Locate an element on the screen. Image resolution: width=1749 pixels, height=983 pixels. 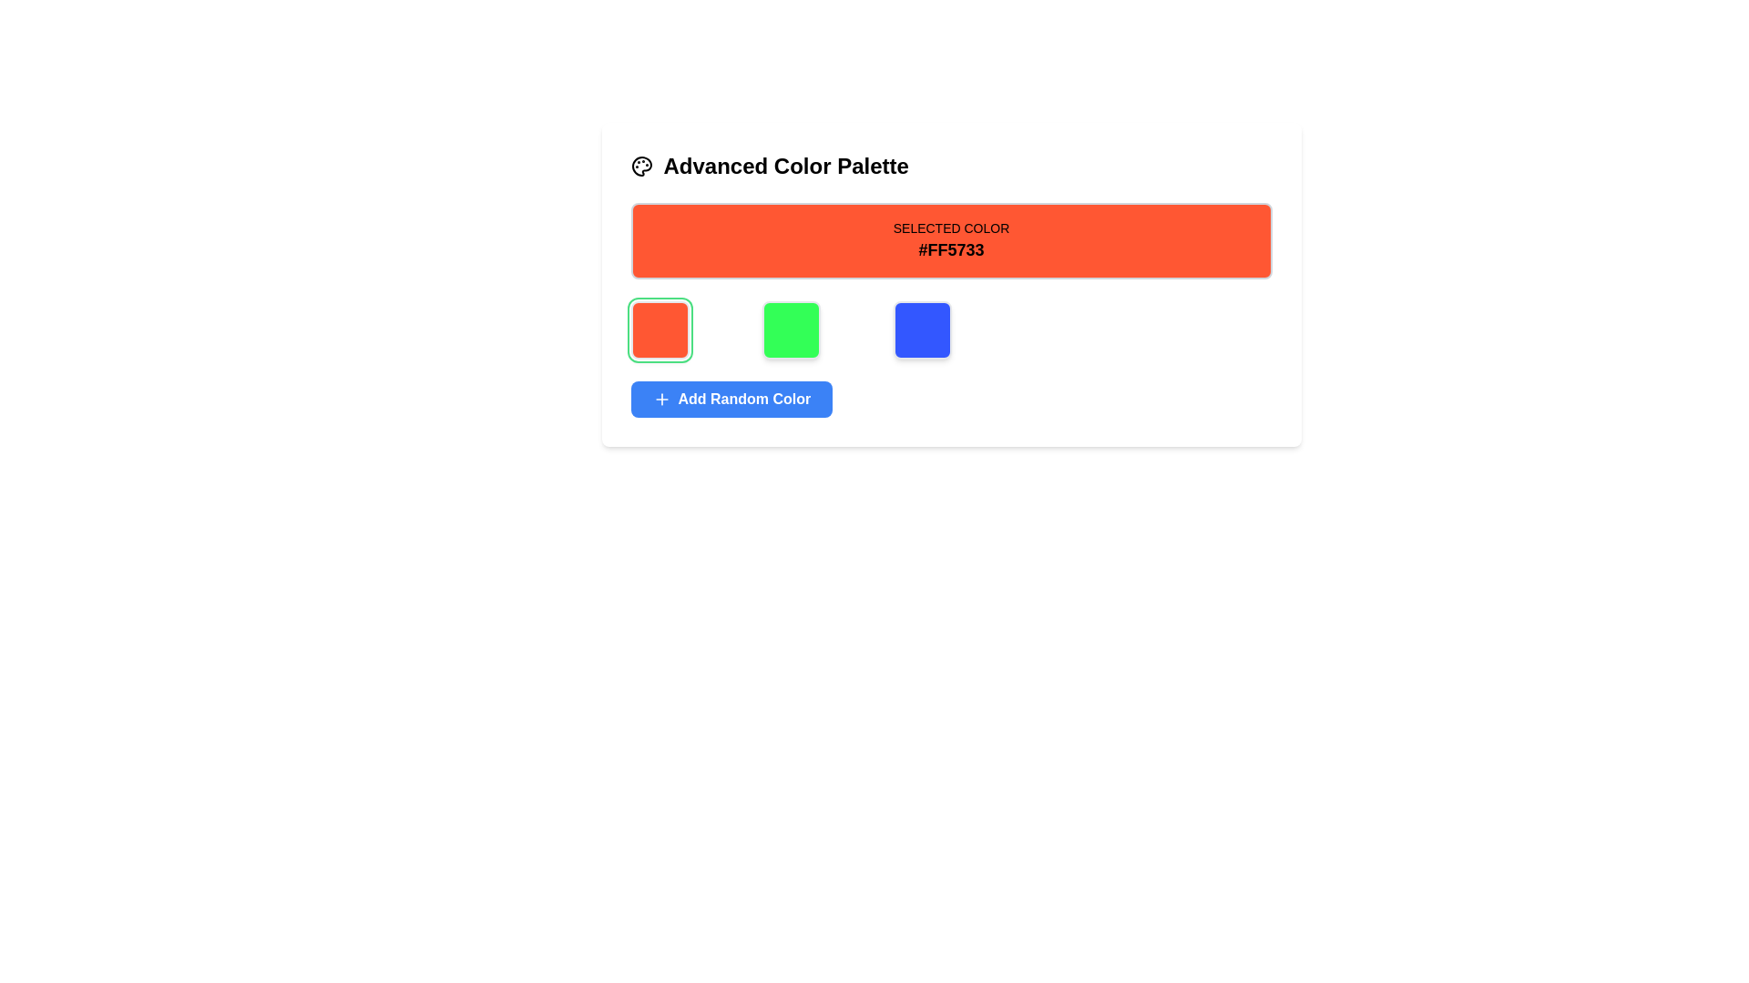
the blue color selection tile, which is the third tile in the grid located in the 'Advanced Color Palette' section is located at coordinates (950, 329).